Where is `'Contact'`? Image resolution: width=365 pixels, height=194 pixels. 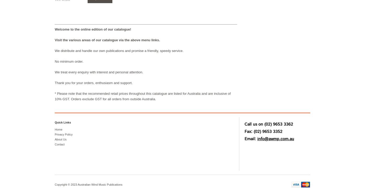 'Contact' is located at coordinates (59, 144).